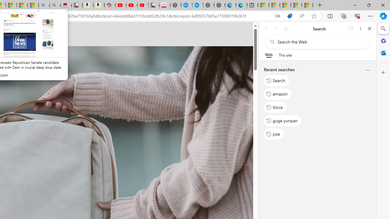  Describe the element at coordinates (351, 28) in the screenshot. I see `'Open link in new tab'` at that location.